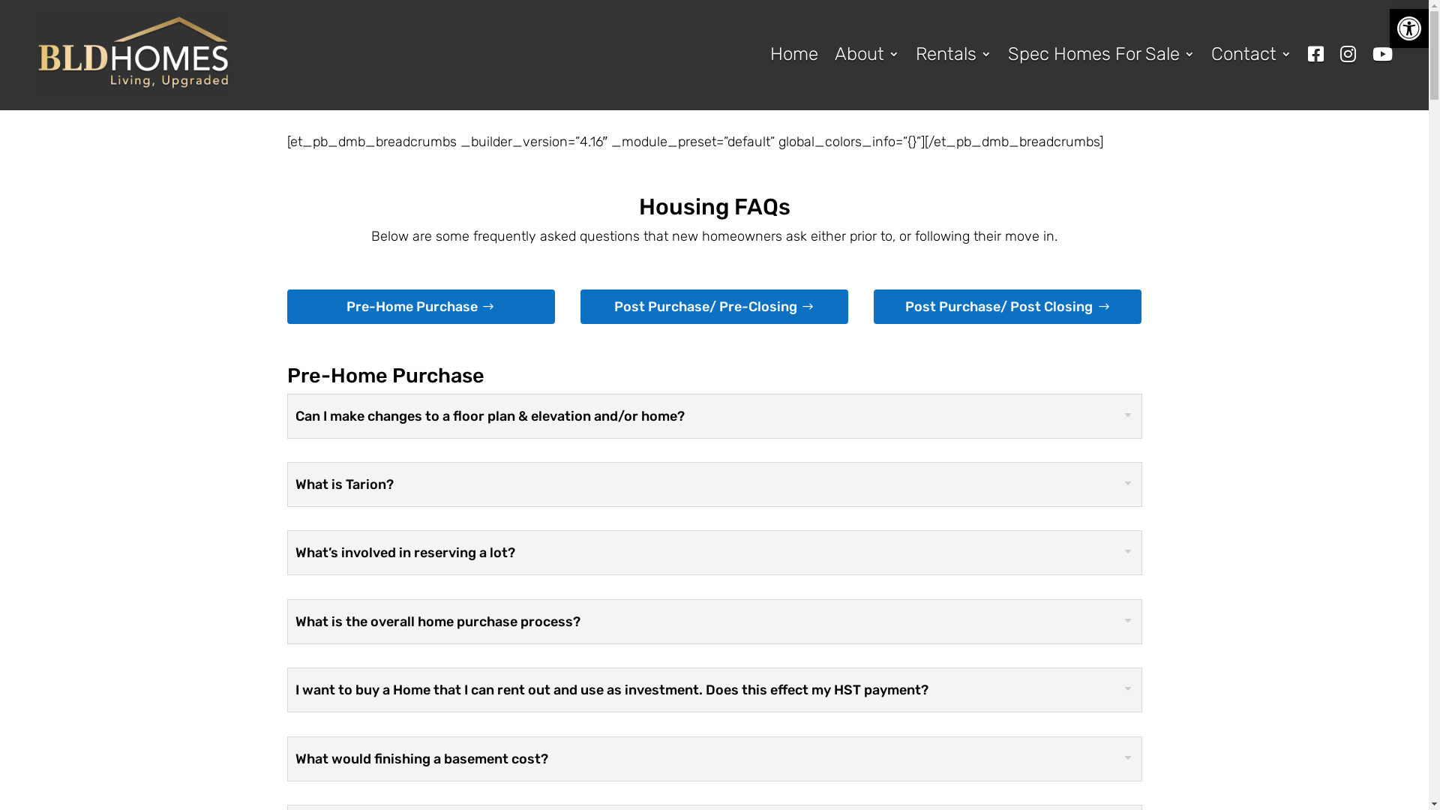 The width and height of the screenshot is (1440, 810). What do you see at coordinates (1315, 53) in the screenshot?
I see `'Facebook'` at bounding box center [1315, 53].